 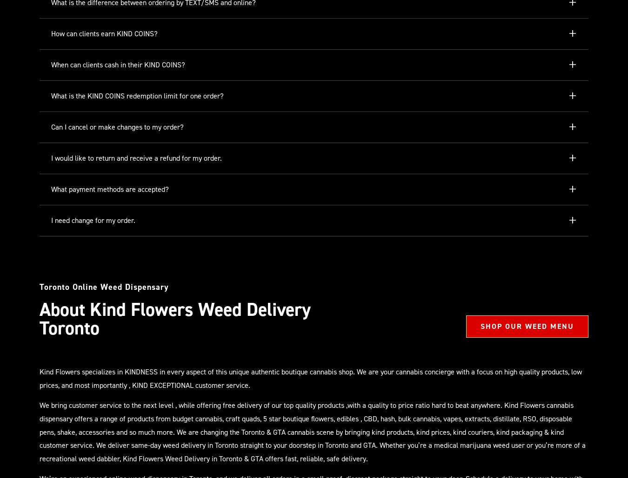 I want to click on 'Kind Flowers specializes in KINDNESS in every aspect of this unique authentic boutique cannabis shop. We are your cannabis concierge with a focus on high quality products, low prices, and most importantly , KIND EXCEPTIONAL customer service.', so click(x=310, y=378).